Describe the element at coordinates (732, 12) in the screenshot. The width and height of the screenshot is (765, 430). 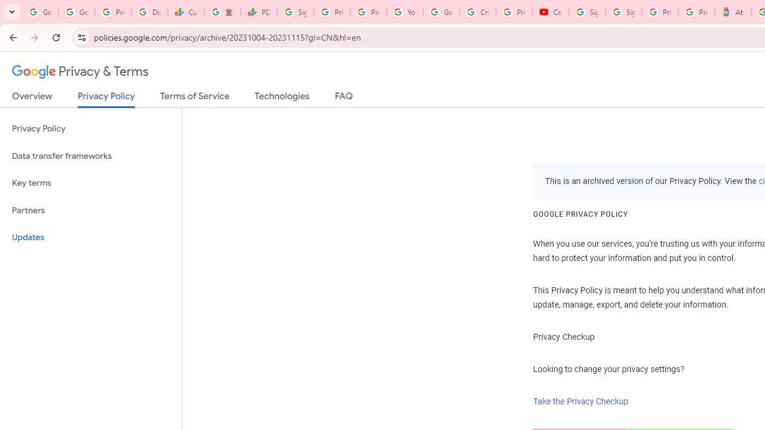
I see `'Atour Hotel - Google hotels'` at that location.